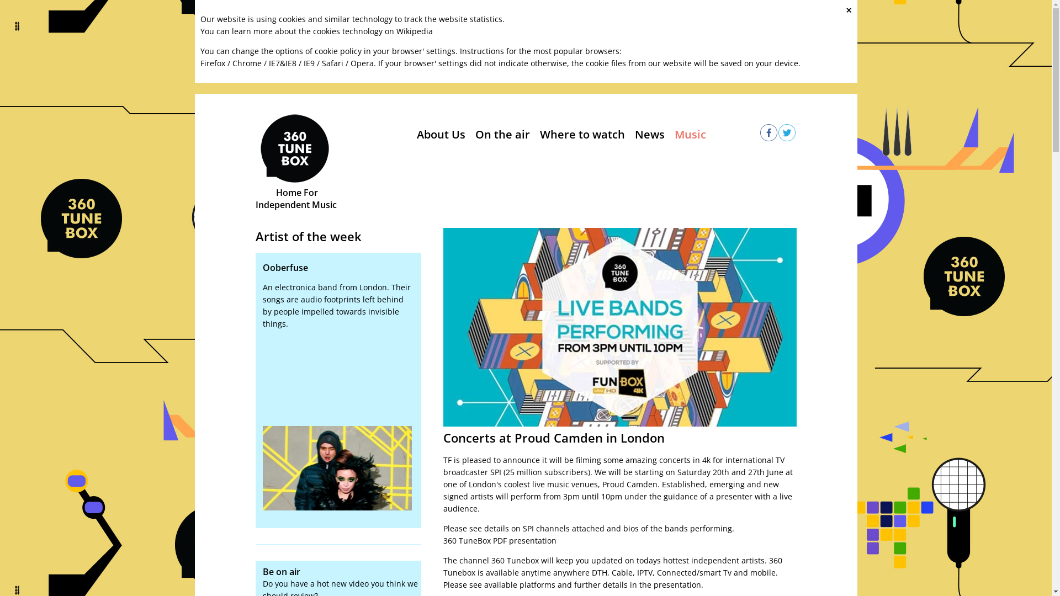 This screenshot has width=1060, height=596. Describe the element at coordinates (499, 540) in the screenshot. I see `'360 TuneBox PDF presentation'` at that location.